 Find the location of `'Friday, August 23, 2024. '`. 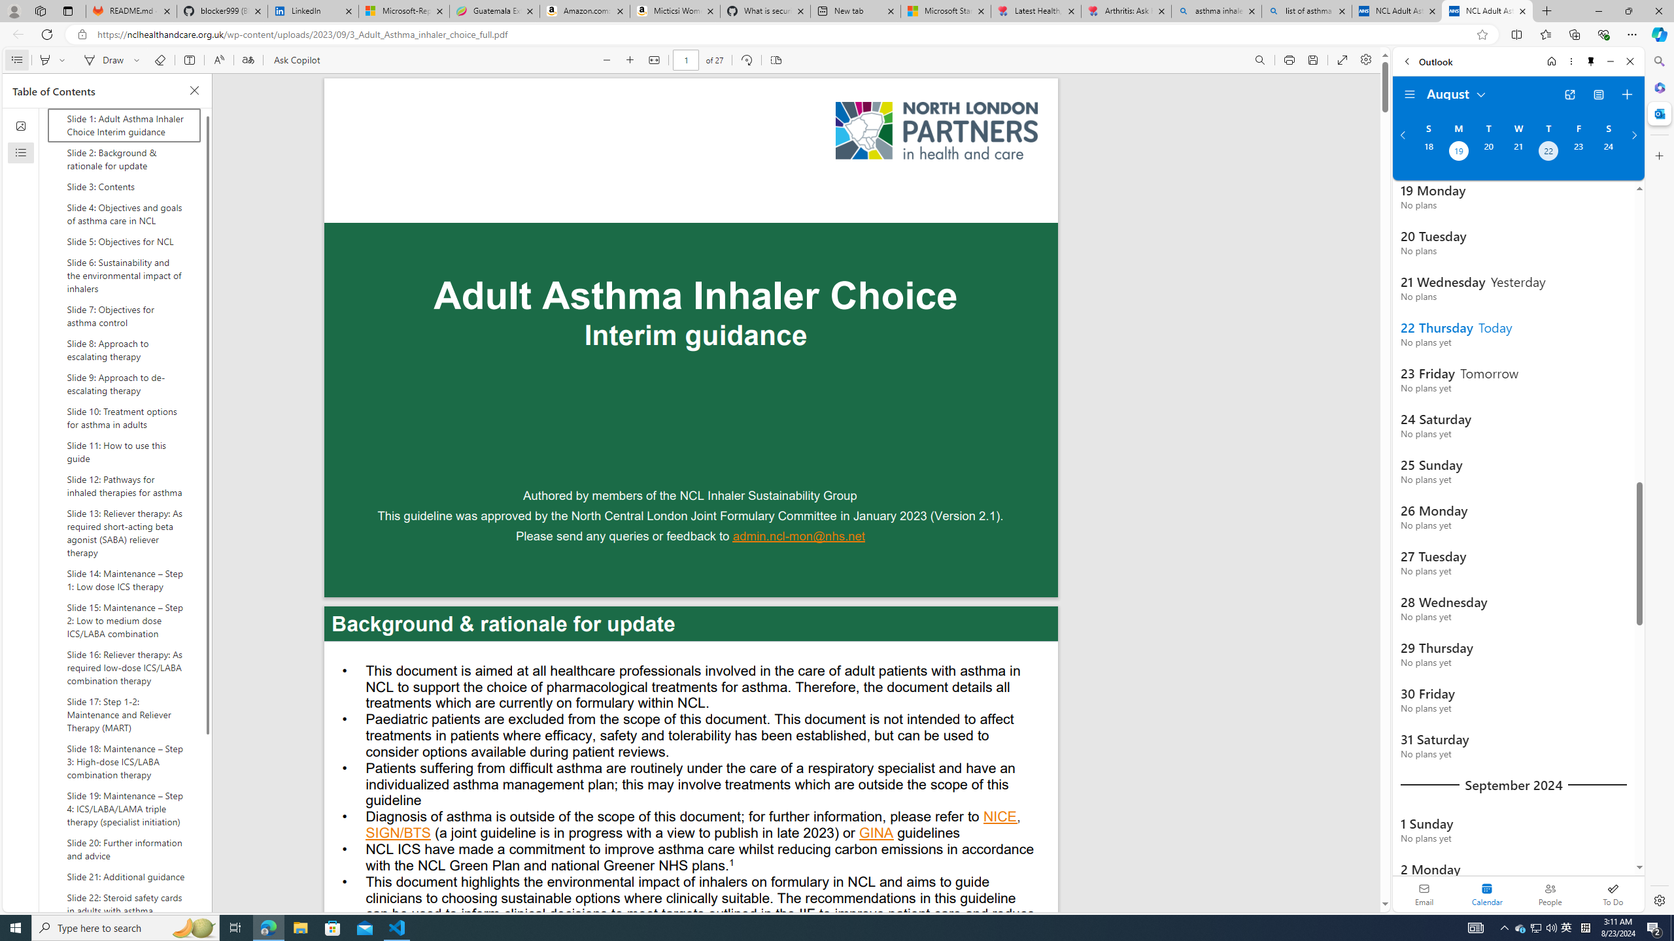

'Friday, August 23, 2024. ' is located at coordinates (1578, 152).